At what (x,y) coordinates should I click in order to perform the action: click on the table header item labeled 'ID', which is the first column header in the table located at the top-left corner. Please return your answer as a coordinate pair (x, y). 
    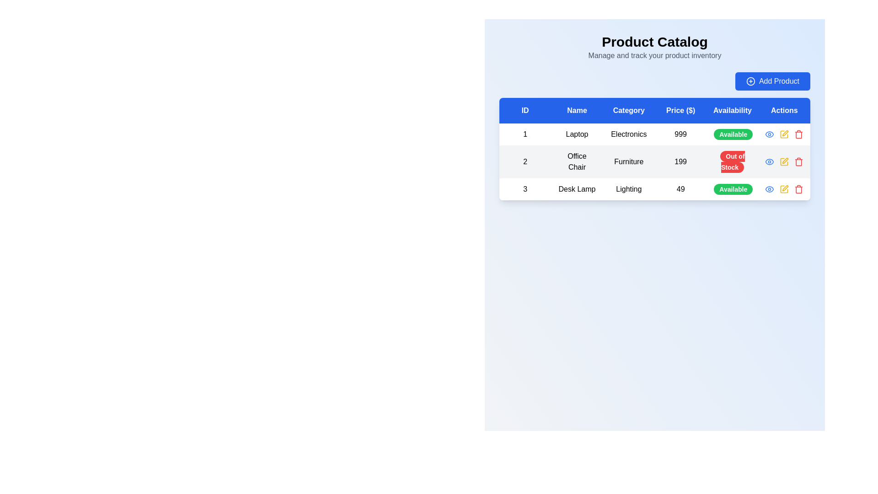
    Looking at the image, I should click on (525, 110).